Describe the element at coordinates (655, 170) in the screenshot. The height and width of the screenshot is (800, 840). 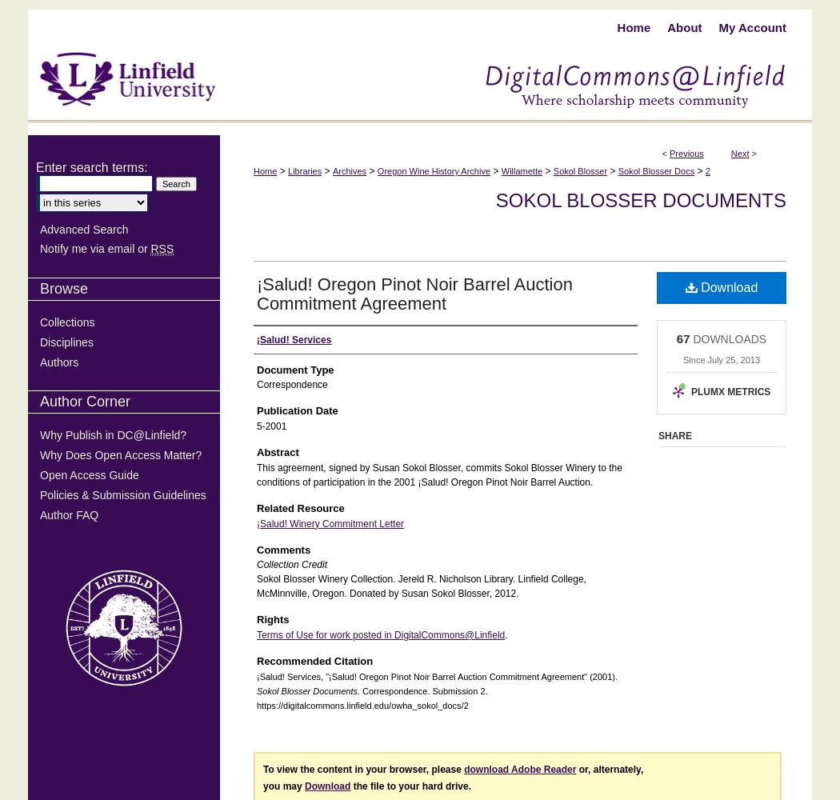
I see `'Sokol Blosser Docs'` at that location.